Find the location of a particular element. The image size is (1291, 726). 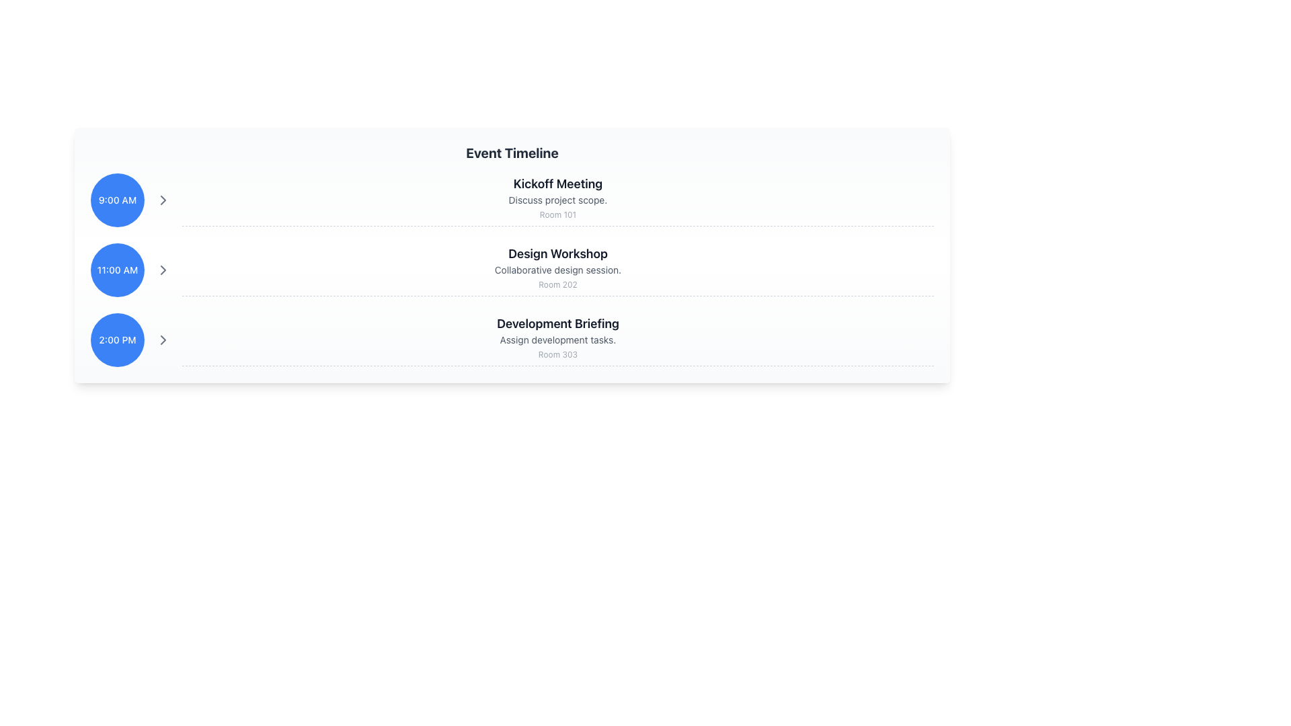

the informational text block that provides details about the scheduled event, located between the 'Kickoff Meeting' and 'Development Briefing' in the schedule is located at coordinates (558, 270).